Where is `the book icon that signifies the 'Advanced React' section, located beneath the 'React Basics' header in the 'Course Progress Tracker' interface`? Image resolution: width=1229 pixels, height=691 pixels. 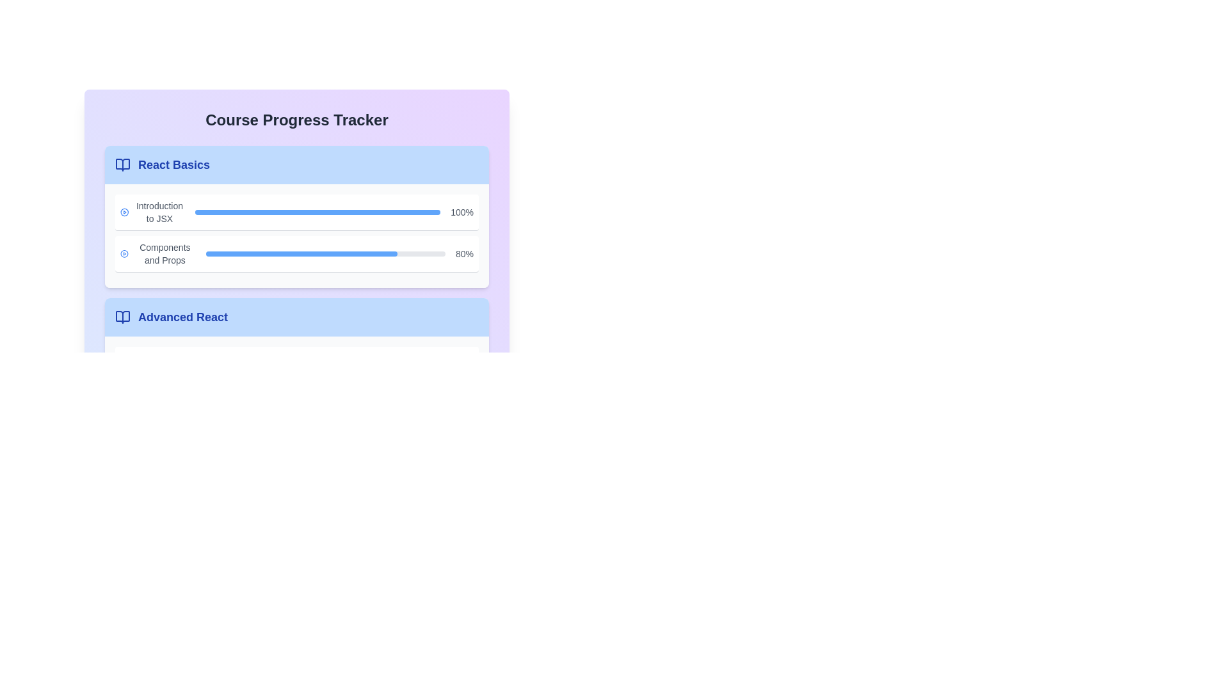 the book icon that signifies the 'Advanced React' section, located beneath the 'React Basics' header in the 'Course Progress Tracker' interface is located at coordinates (123, 317).